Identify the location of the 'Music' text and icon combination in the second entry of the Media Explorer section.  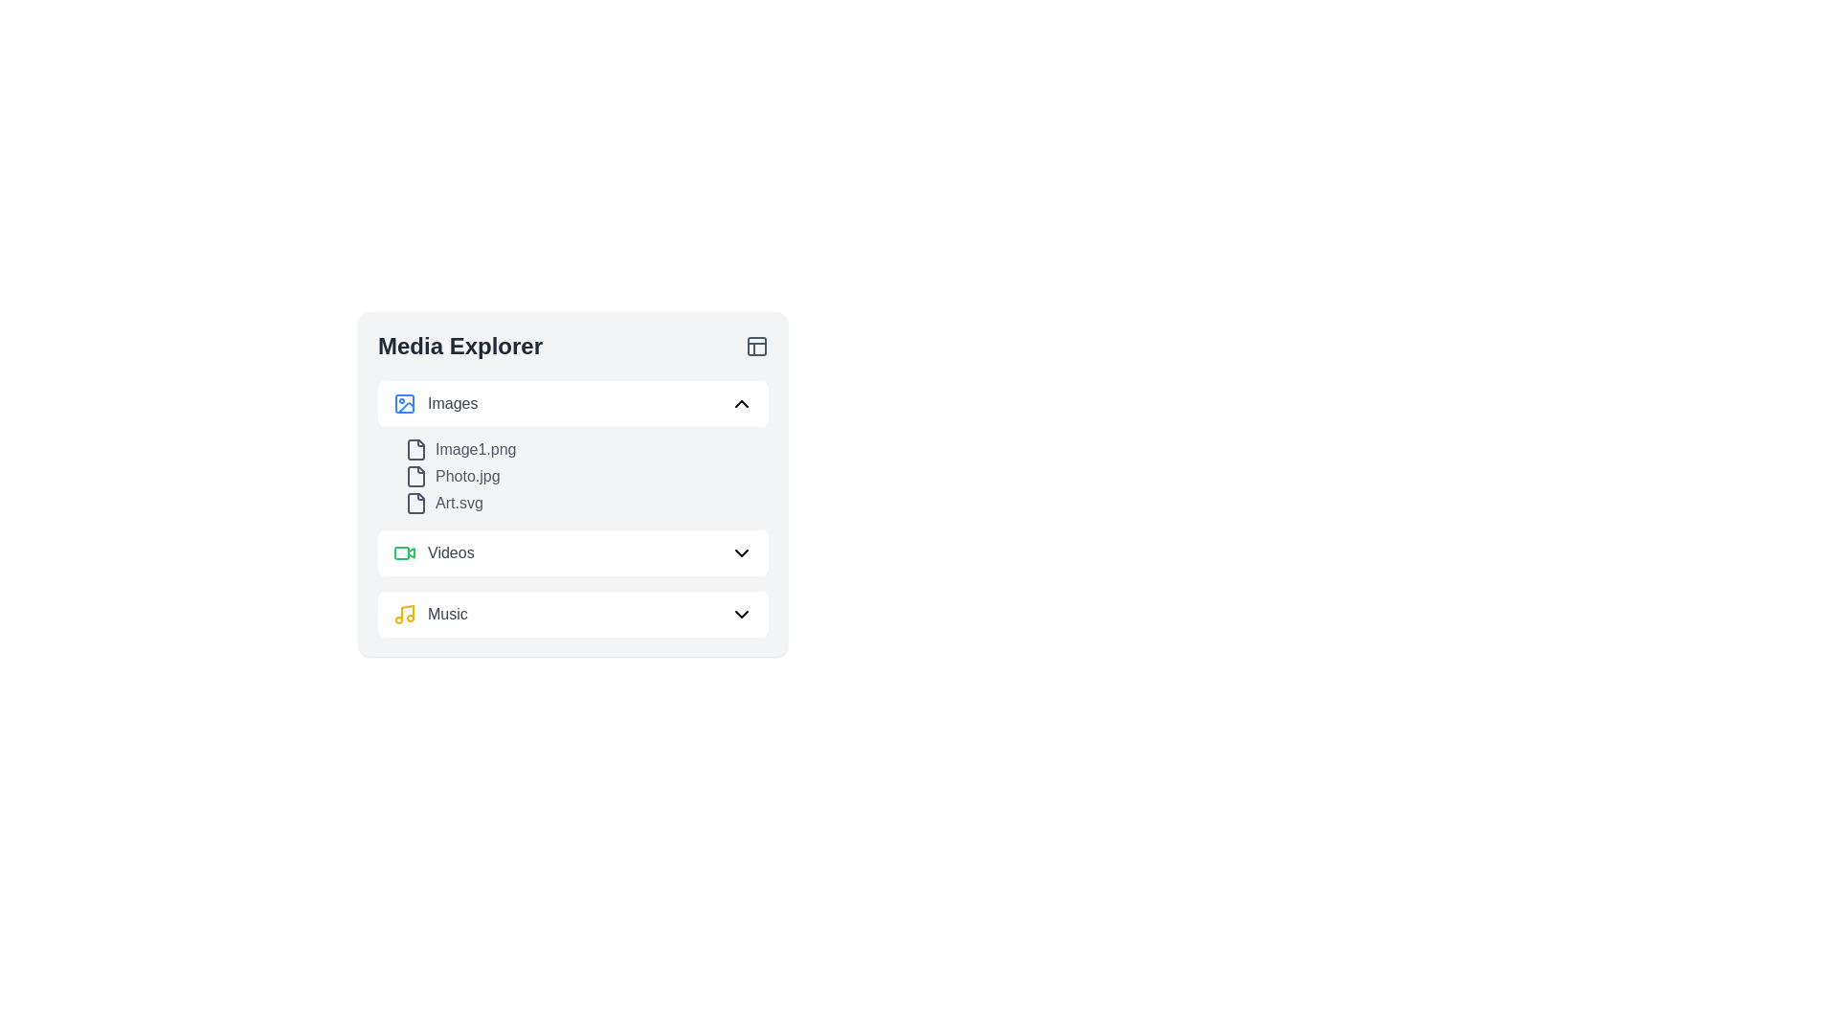
(429, 614).